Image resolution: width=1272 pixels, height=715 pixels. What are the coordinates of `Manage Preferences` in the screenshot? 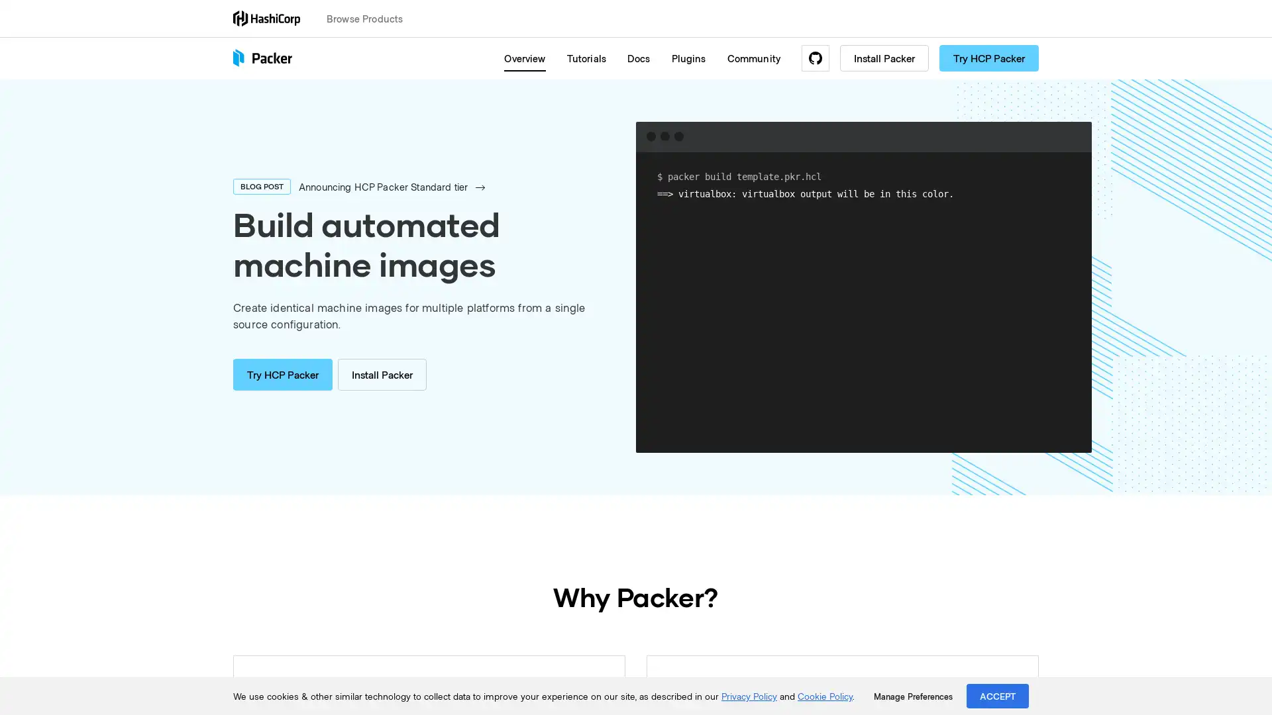 It's located at (912, 696).